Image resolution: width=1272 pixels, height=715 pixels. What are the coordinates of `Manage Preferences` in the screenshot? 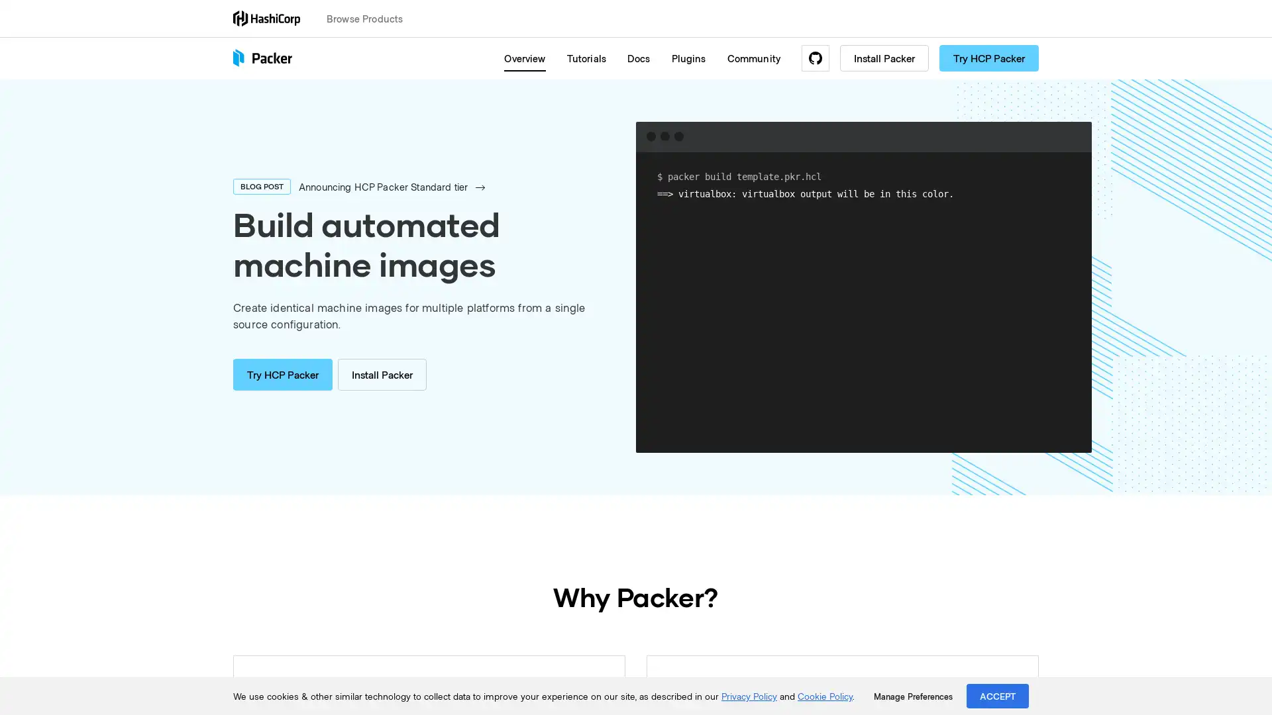 It's located at (912, 696).